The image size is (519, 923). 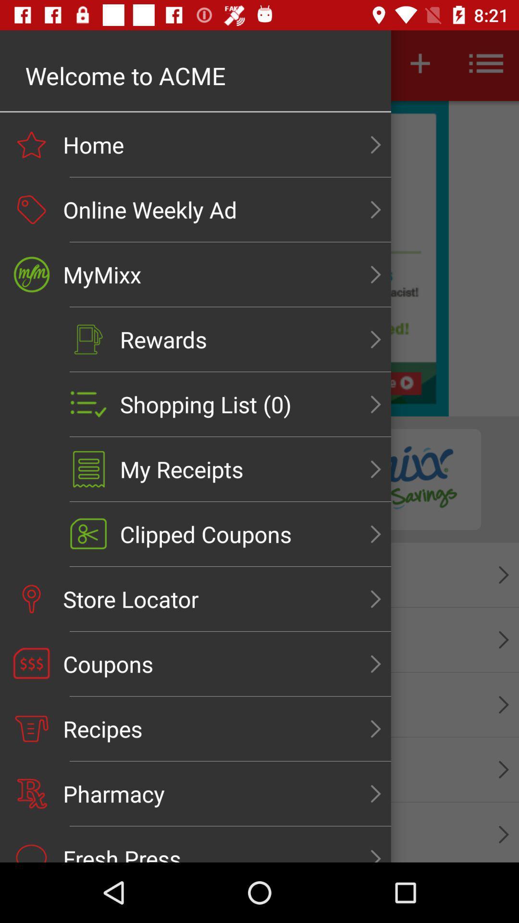 What do you see at coordinates (31, 729) in the screenshot?
I see `the recipes icon` at bounding box center [31, 729].